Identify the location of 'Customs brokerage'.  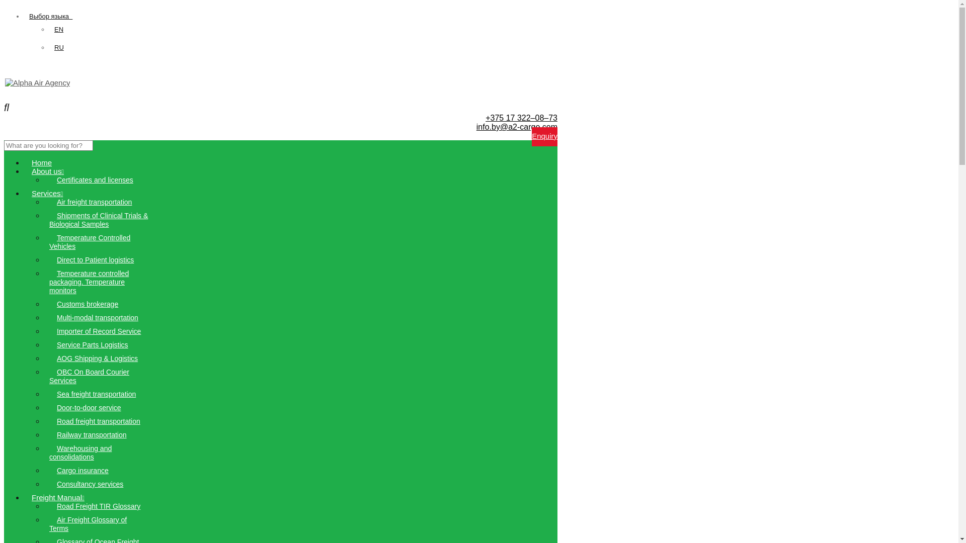
(87, 304).